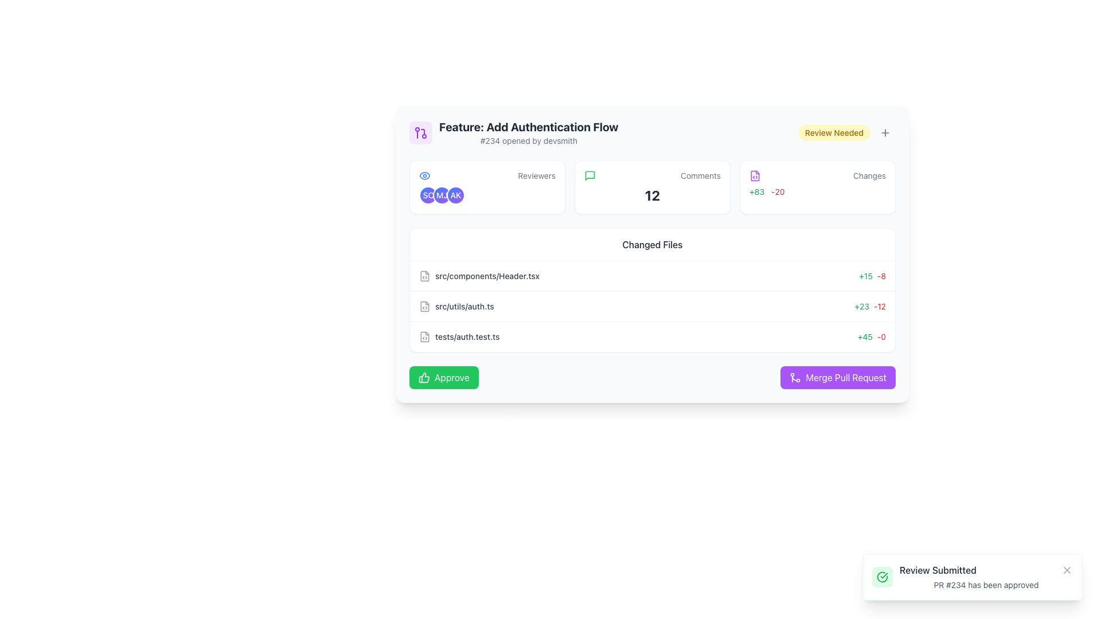 The width and height of the screenshot is (1101, 619). What do you see at coordinates (420, 132) in the screenshot?
I see `the Git pull request icon, which features a modern purple design with circular endpoints and a three-way fork, located in the top left section of the pull request card` at bounding box center [420, 132].